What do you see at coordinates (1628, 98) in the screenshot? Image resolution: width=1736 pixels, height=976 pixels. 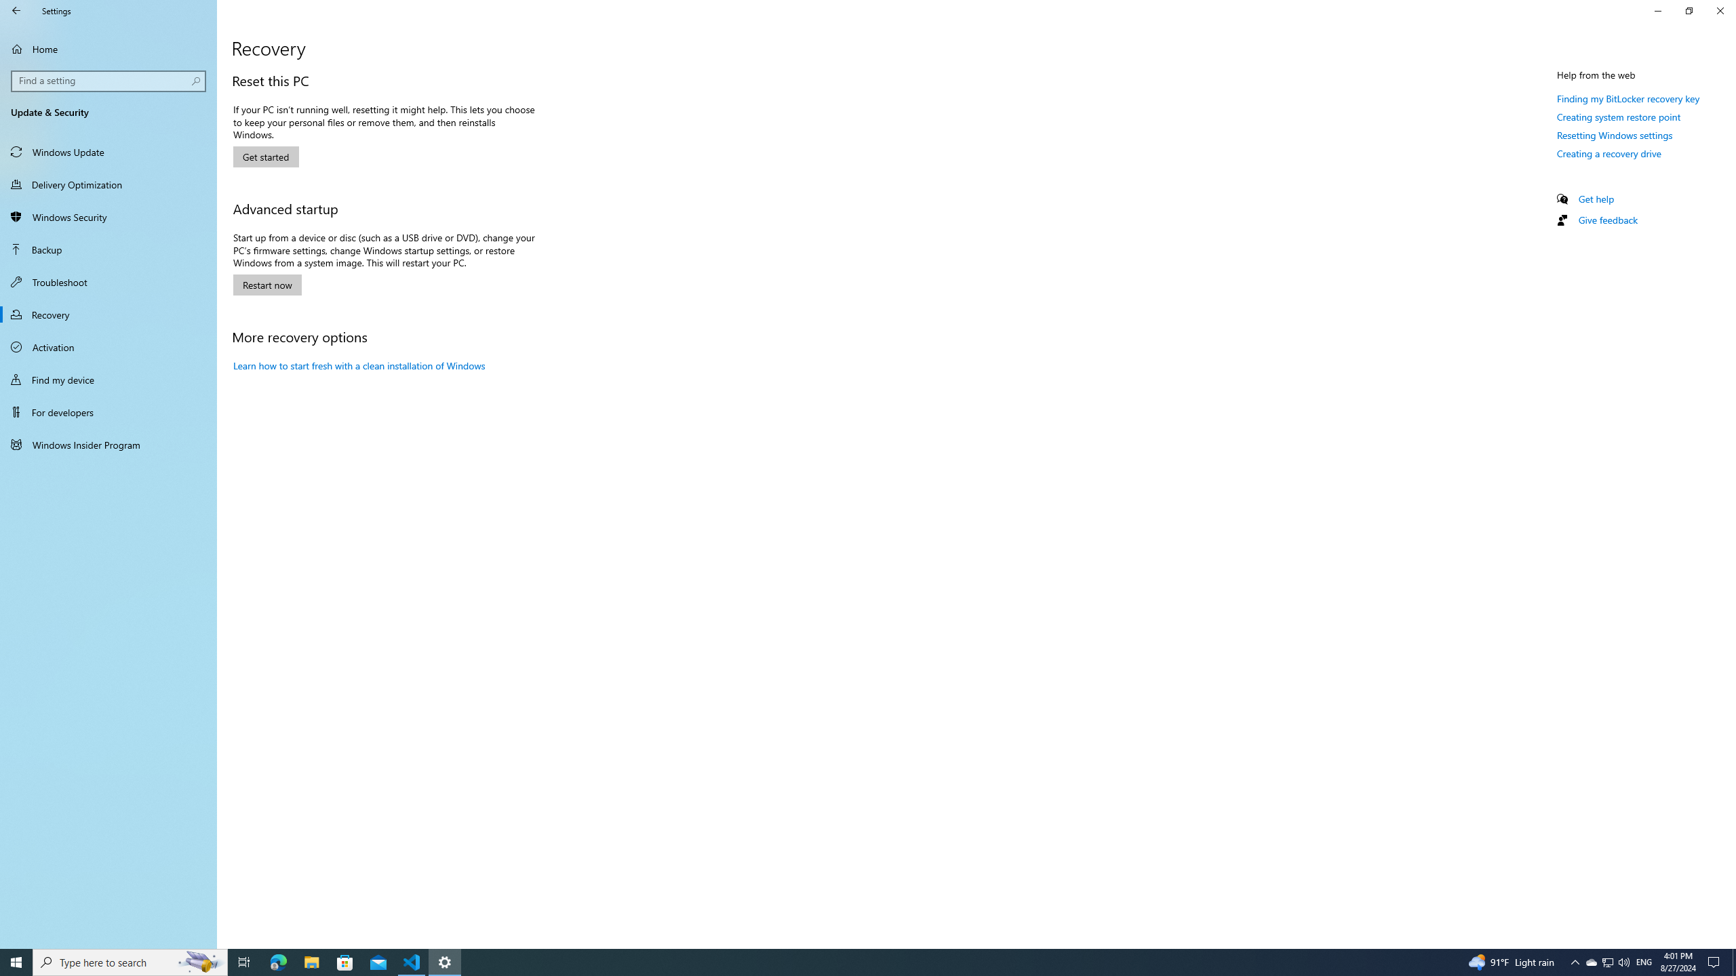 I see `'Finding my BitLocker recovery key'` at bounding box center [1628, 98].